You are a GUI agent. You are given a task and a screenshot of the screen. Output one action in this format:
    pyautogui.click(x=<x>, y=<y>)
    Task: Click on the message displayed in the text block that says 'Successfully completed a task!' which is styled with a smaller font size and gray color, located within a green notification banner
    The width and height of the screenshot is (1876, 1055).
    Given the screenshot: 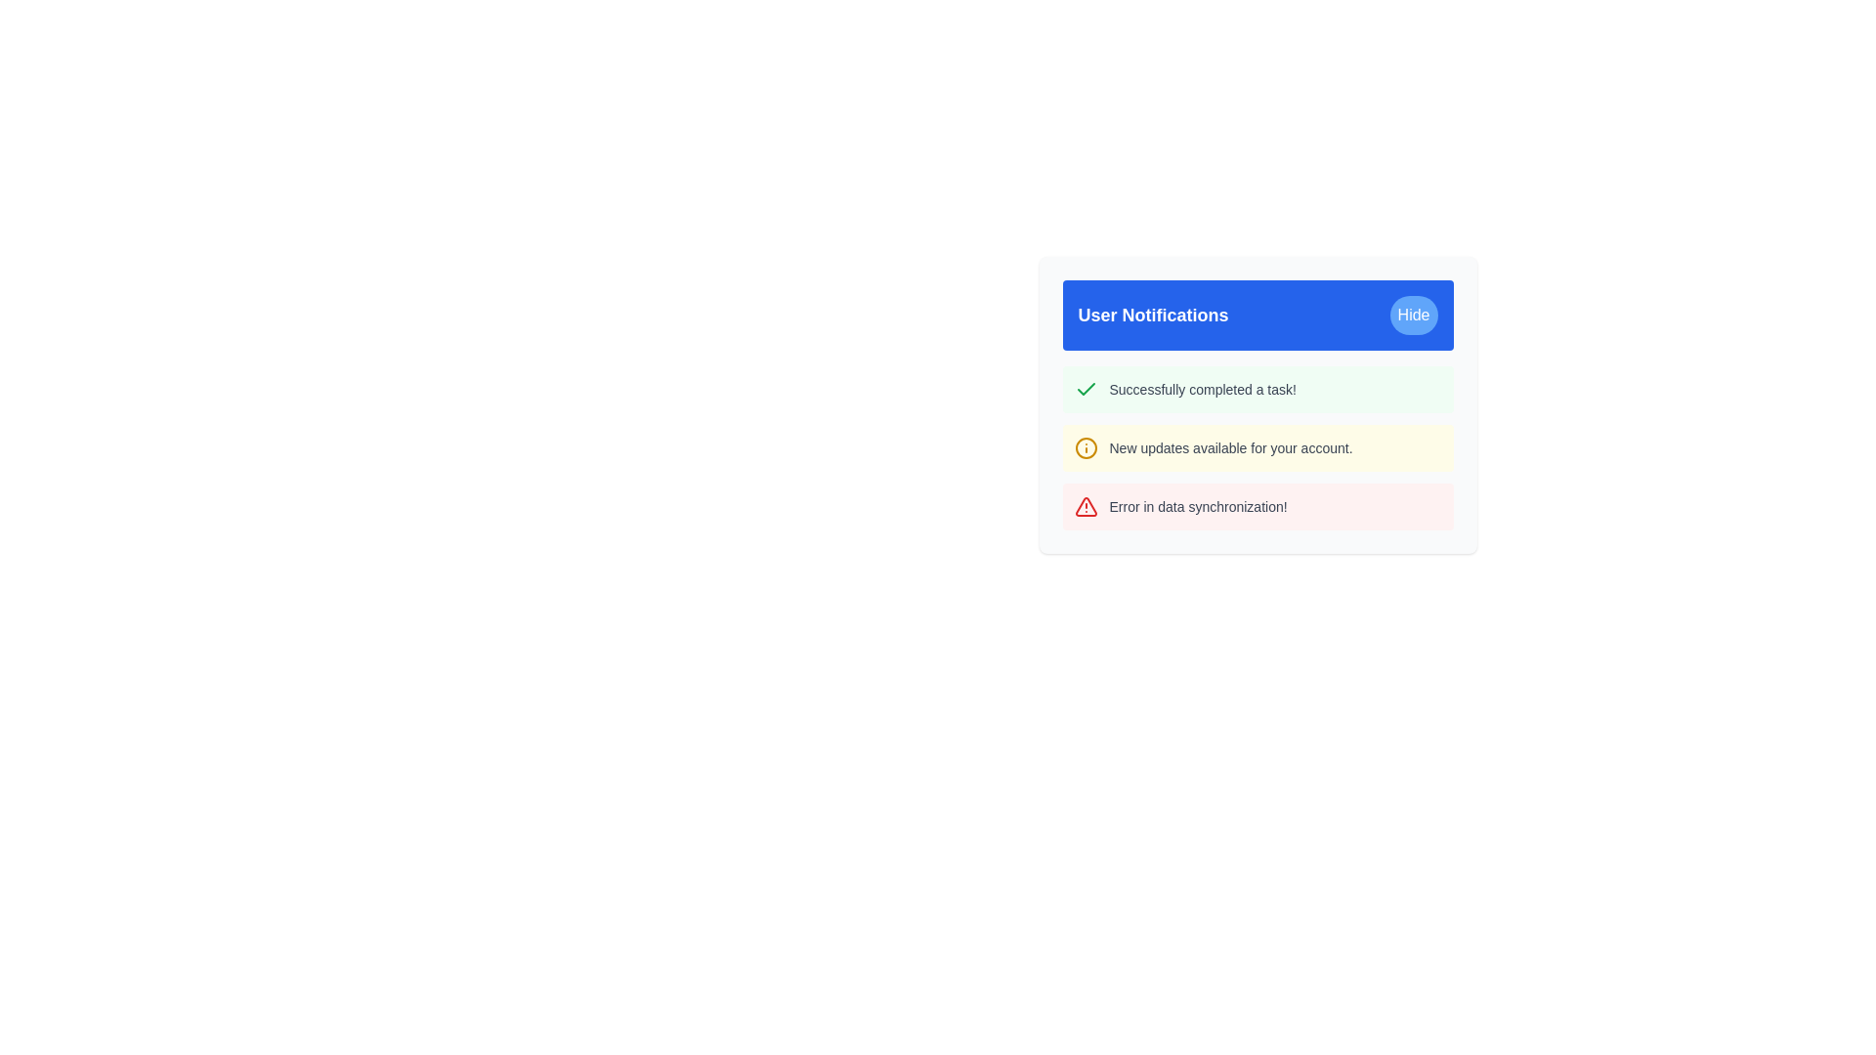 What is the action you would take?
    pyautogui.click(x=1202, y=389)
    